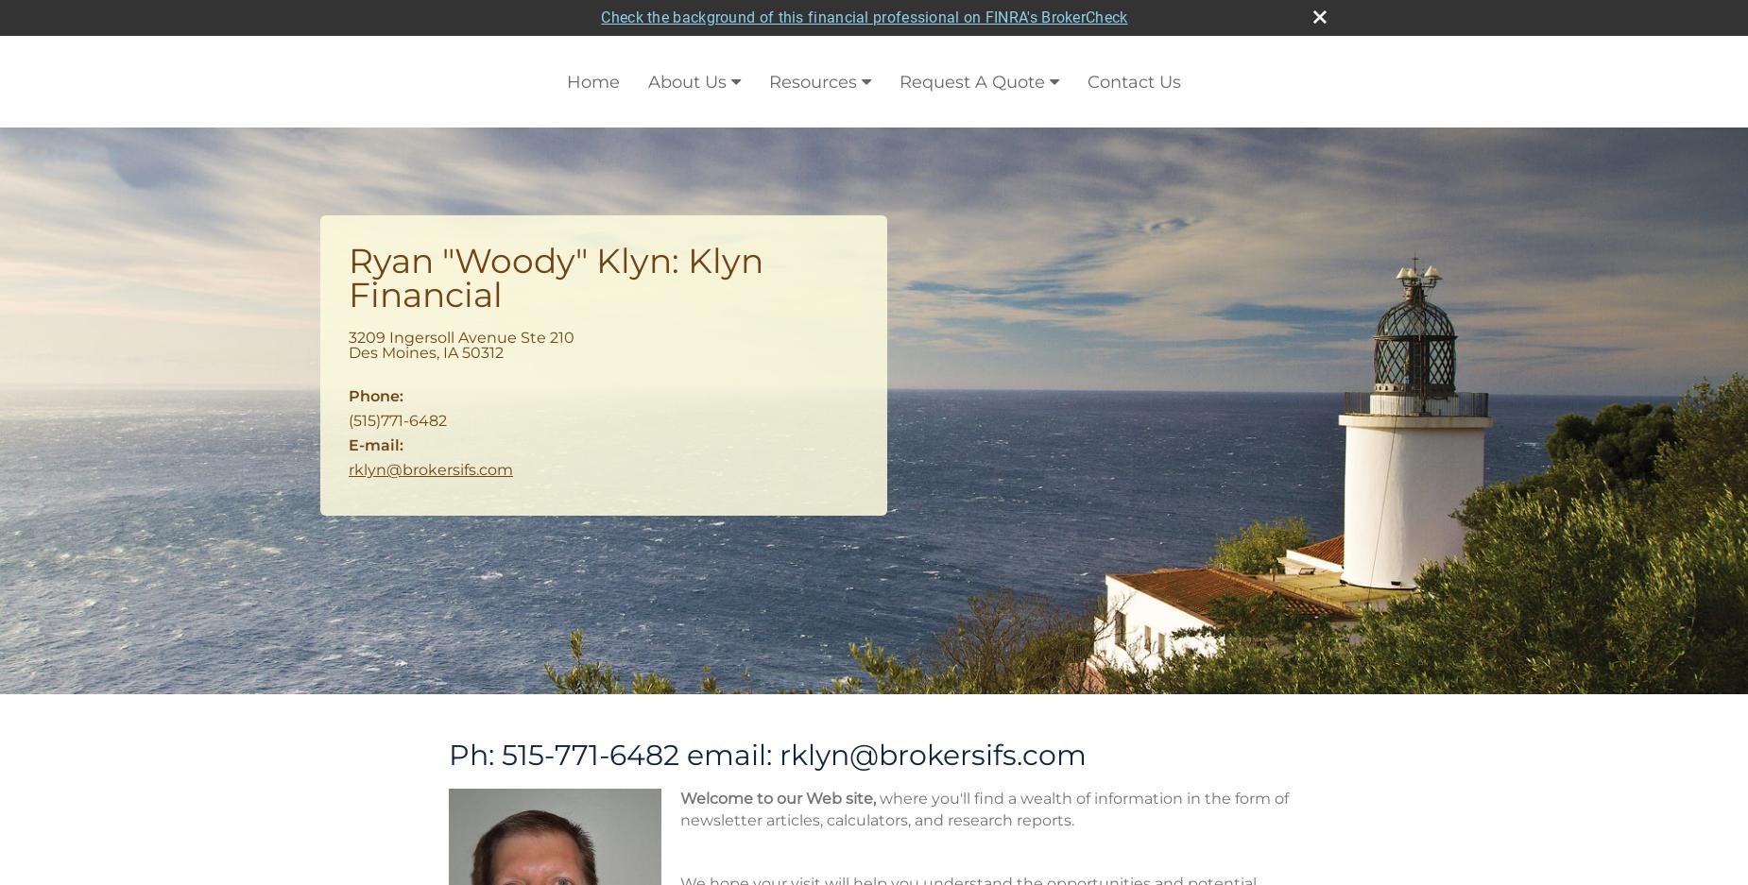 This screenshot has width=1748, height=885. What do you see at coordinates (348, 801) in the screenshot?
I see `'How much do you need to save each year to meet your long-term financial goals?'` at bounding box center [348, 801].